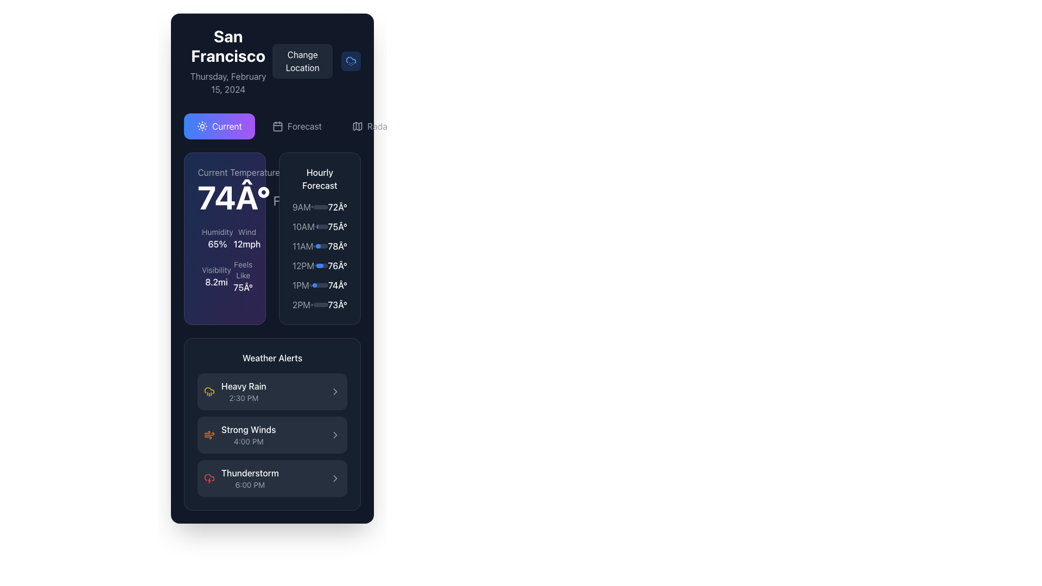 The image size is (1042, 586). Describe the element at coordinates (216, 276) in the screenshot. I see `text information display showing 'Visibility' in small gray font and '8.2mi' in larger white font, located below the temperature information in the left panel` at that location.